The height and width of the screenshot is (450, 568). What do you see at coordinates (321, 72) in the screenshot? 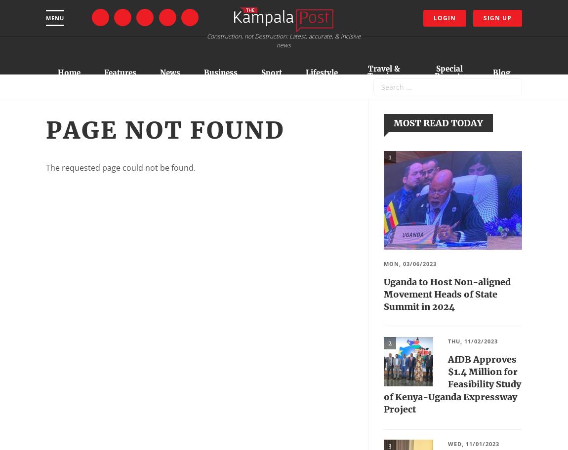
I see `'Lifestyle'` at bounding box center [321, 72].